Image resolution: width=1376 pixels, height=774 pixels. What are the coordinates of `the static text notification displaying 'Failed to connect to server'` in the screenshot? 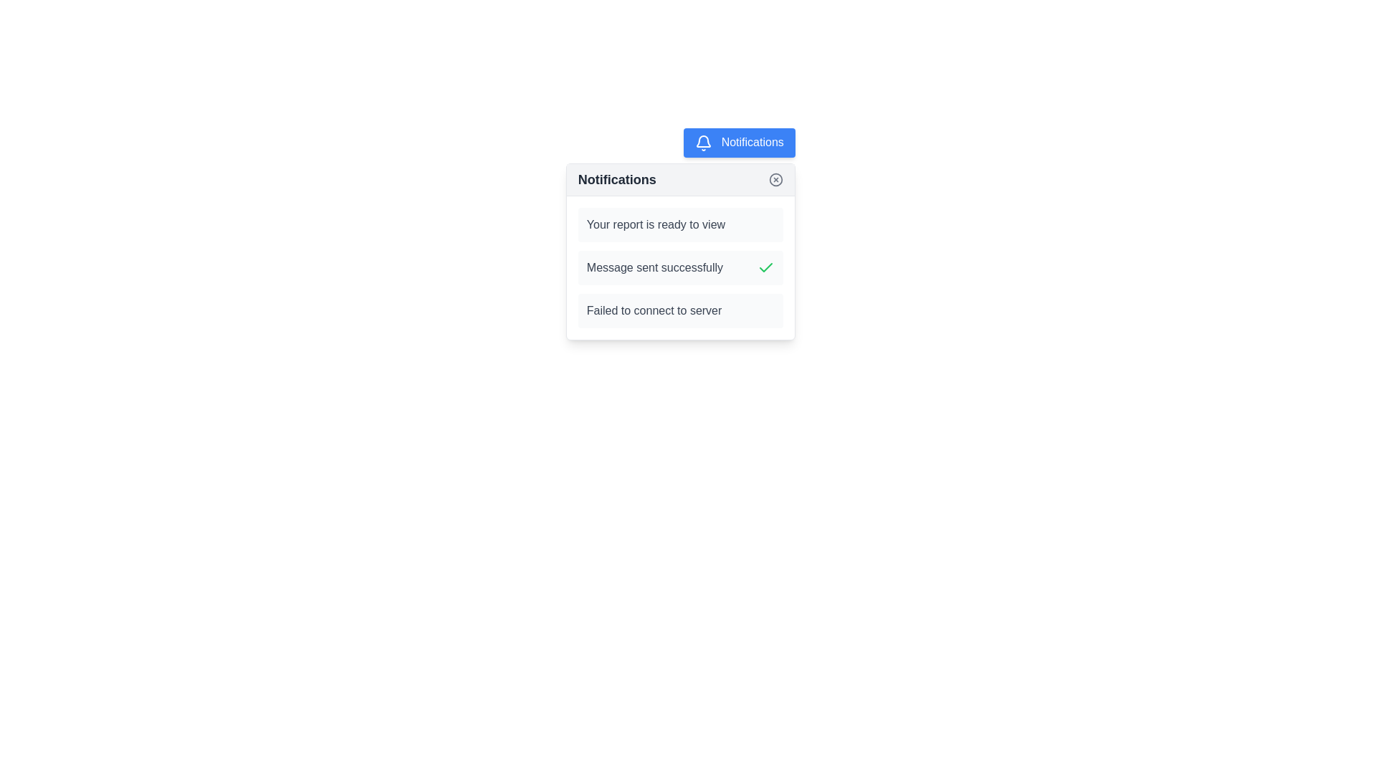 It's located at (654, 310).